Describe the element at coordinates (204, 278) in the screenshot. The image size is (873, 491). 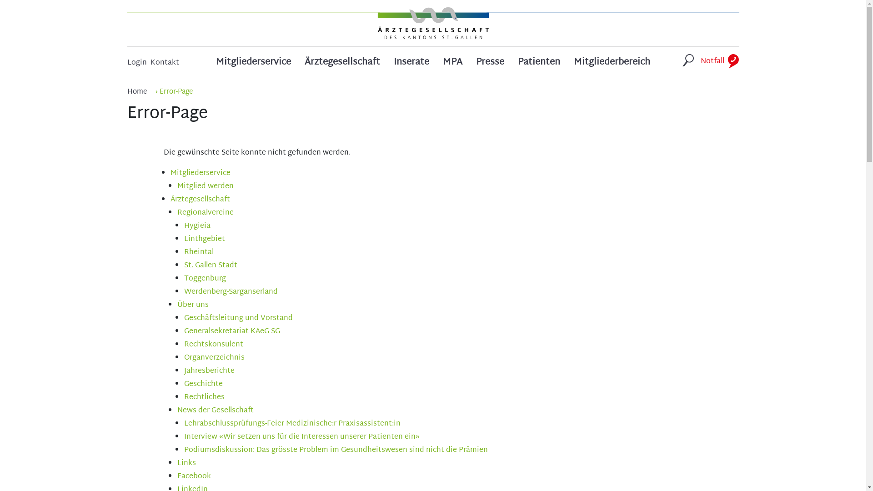
I see `'Toggenburg'` at that location.